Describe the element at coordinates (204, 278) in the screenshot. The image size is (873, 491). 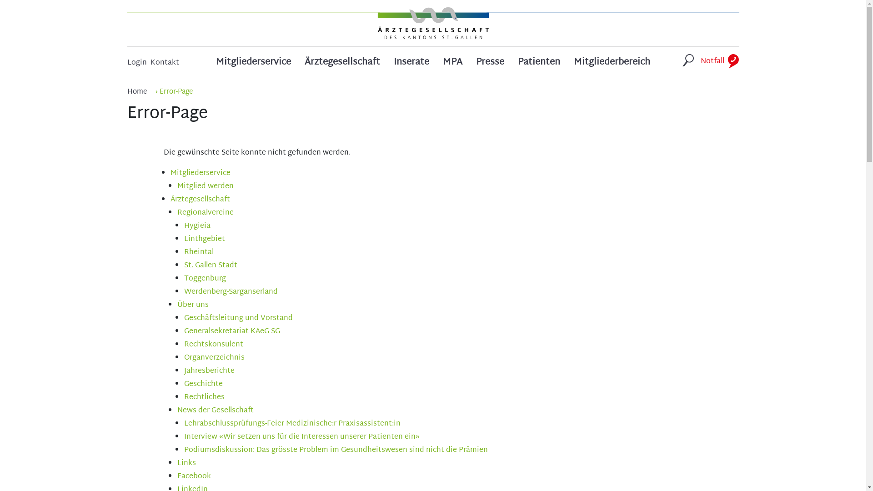
I see `'Toggenburg'` at that location.